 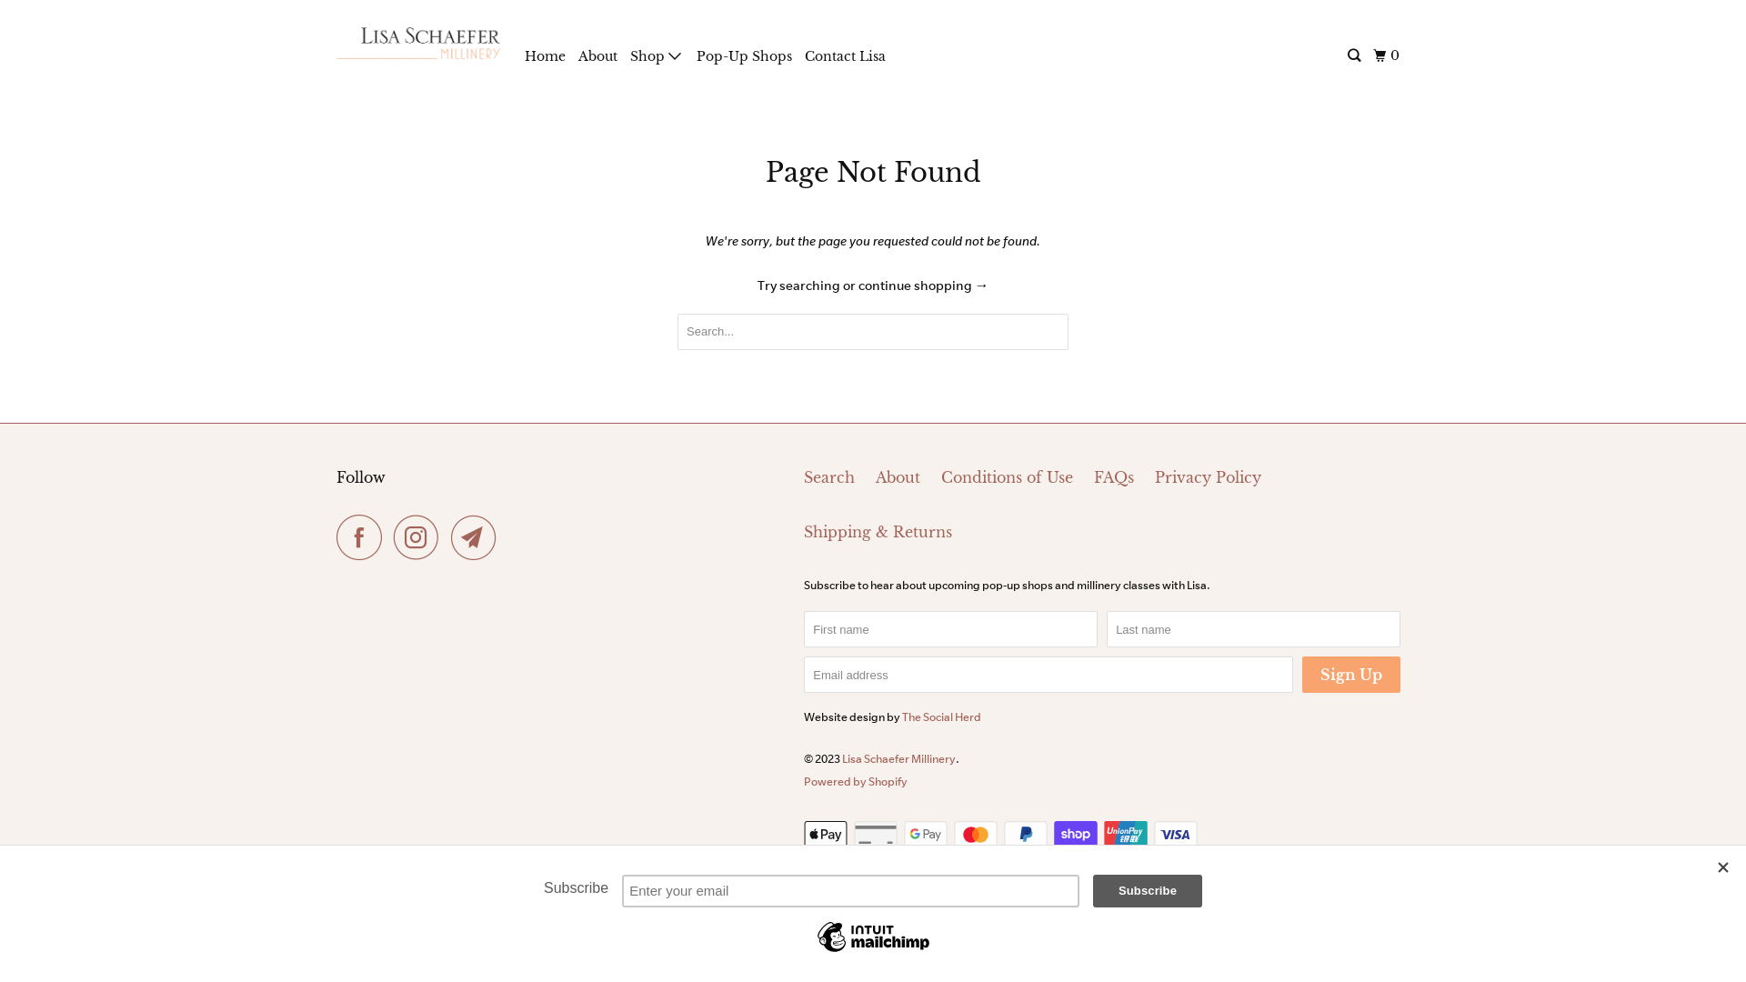 I want to click on 'Pop-Up Shops', so click(x=744, y=55).